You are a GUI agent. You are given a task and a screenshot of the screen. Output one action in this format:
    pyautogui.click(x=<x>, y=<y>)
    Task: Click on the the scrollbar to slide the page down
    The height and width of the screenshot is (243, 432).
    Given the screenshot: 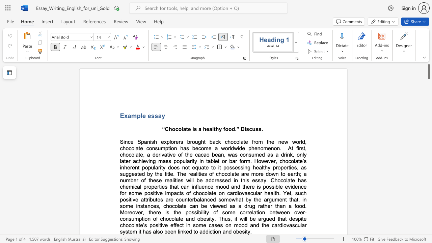 What is the action you would take?
    pyautogui.click(x=428, y=213)
    